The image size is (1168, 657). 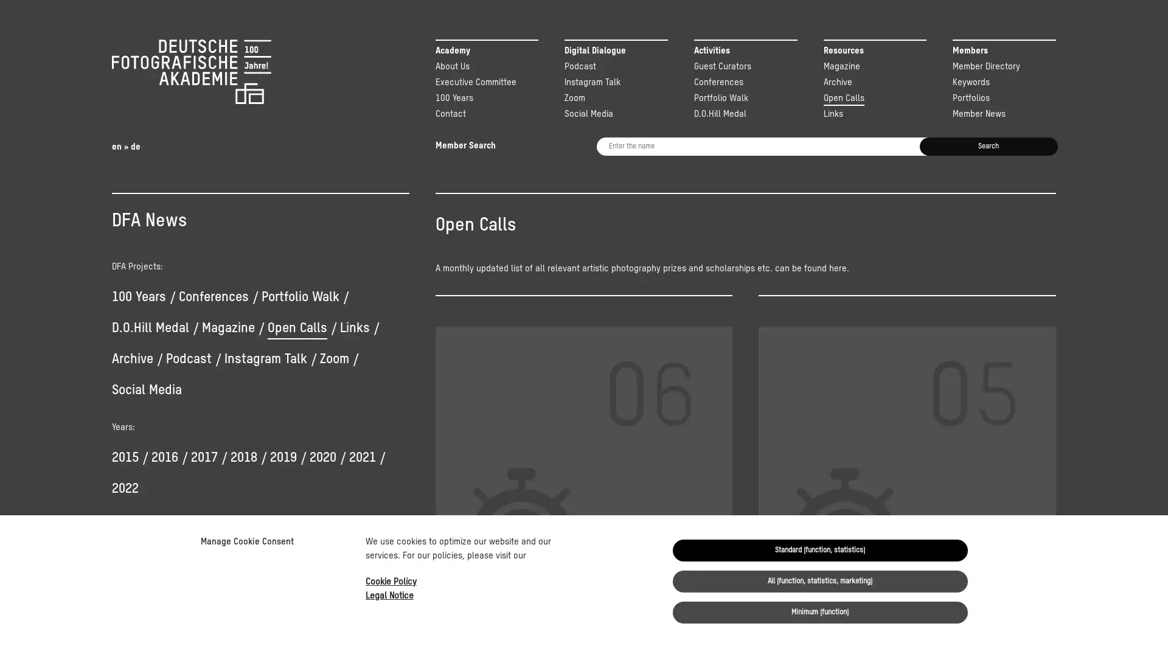 What do you see at coordinates (301, 297) in the screenshot?
I see `Portfolio Walk` at bounding box center [301, 297].